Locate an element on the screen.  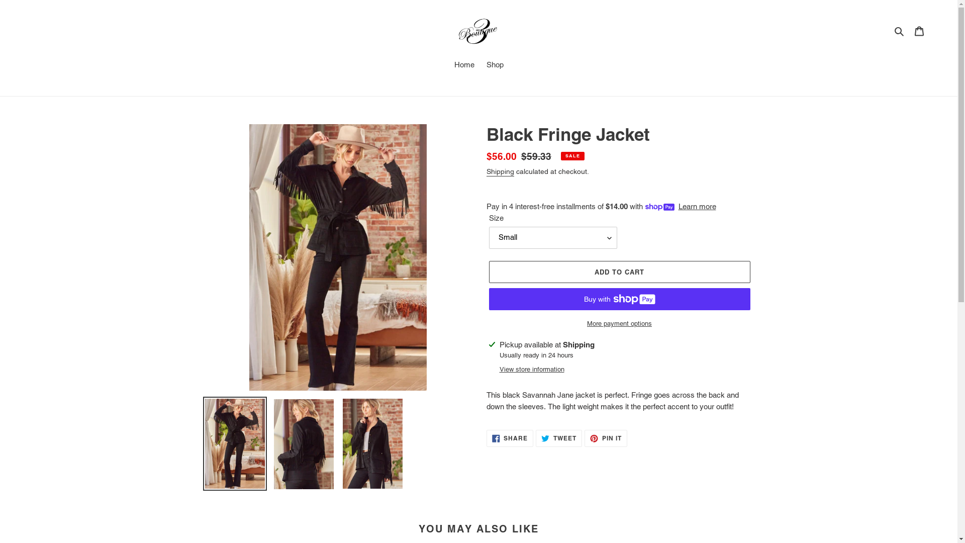
'Shop' is located at coordinates (495, 66).